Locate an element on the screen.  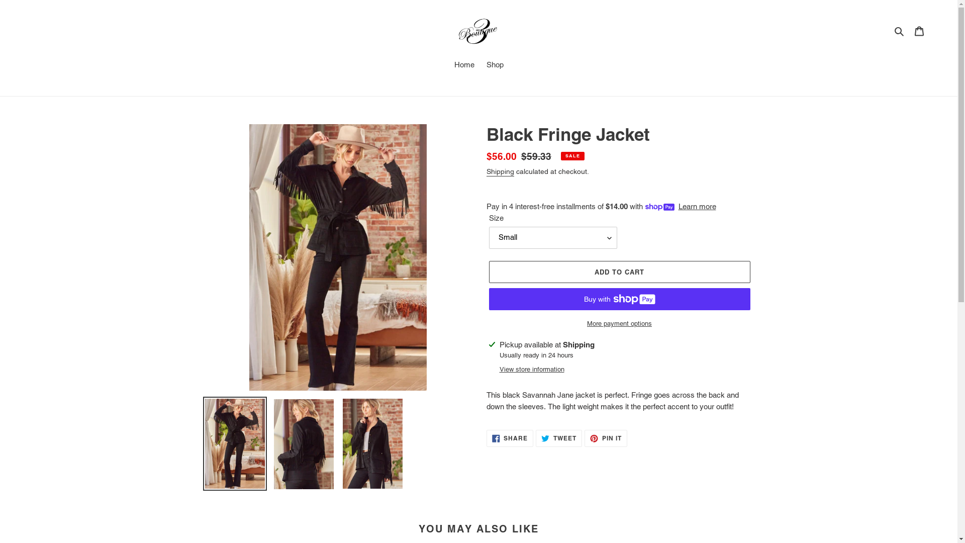
'Shop' is located at coordinates (495, 66).